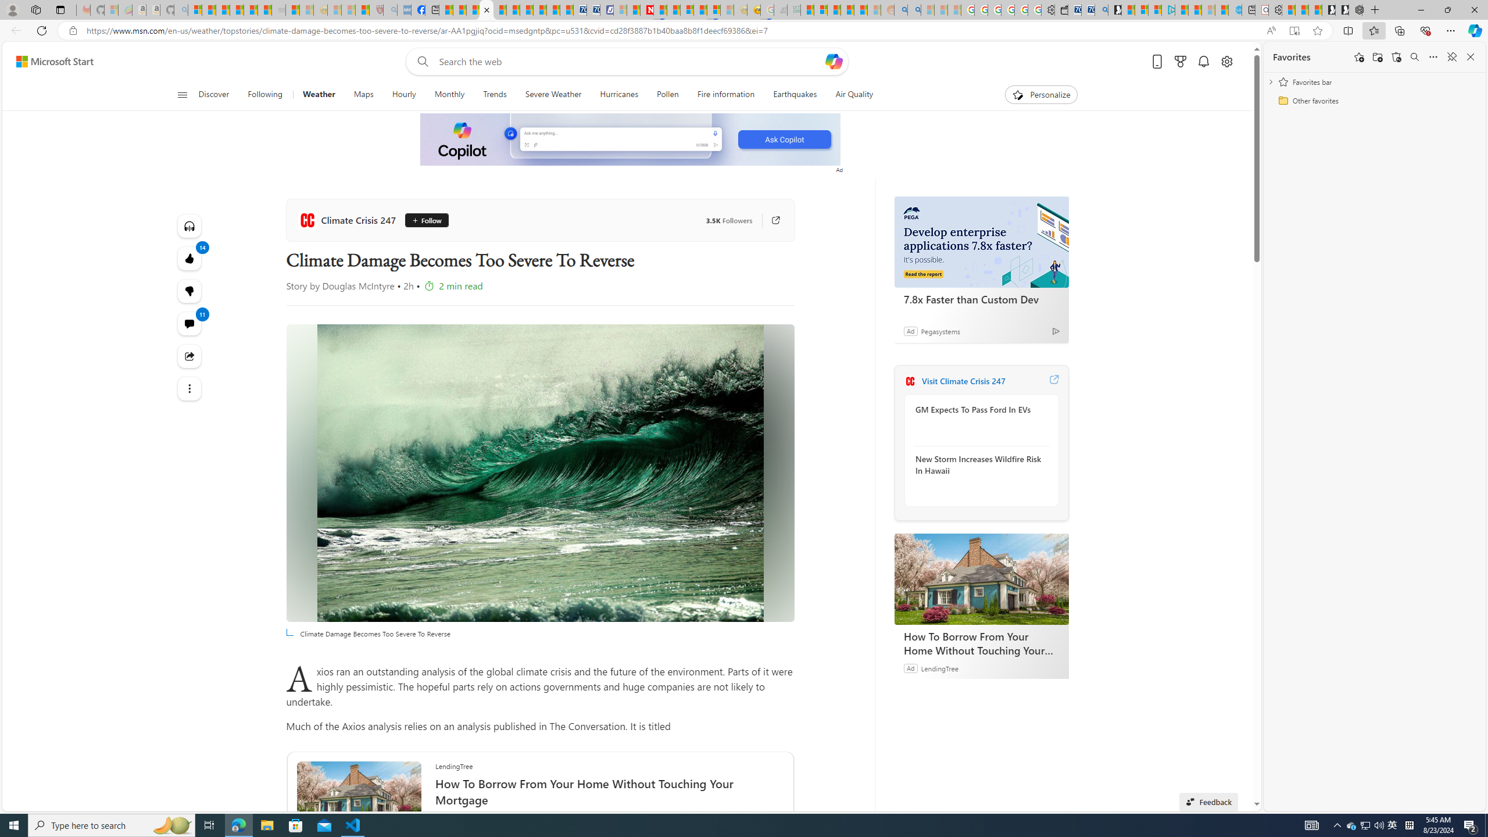 The width and height of the screenshot is (1488, 837). Describe the element at coordinates (630, 60) in the screenshot. I see `'Enter your search term'` at that location.